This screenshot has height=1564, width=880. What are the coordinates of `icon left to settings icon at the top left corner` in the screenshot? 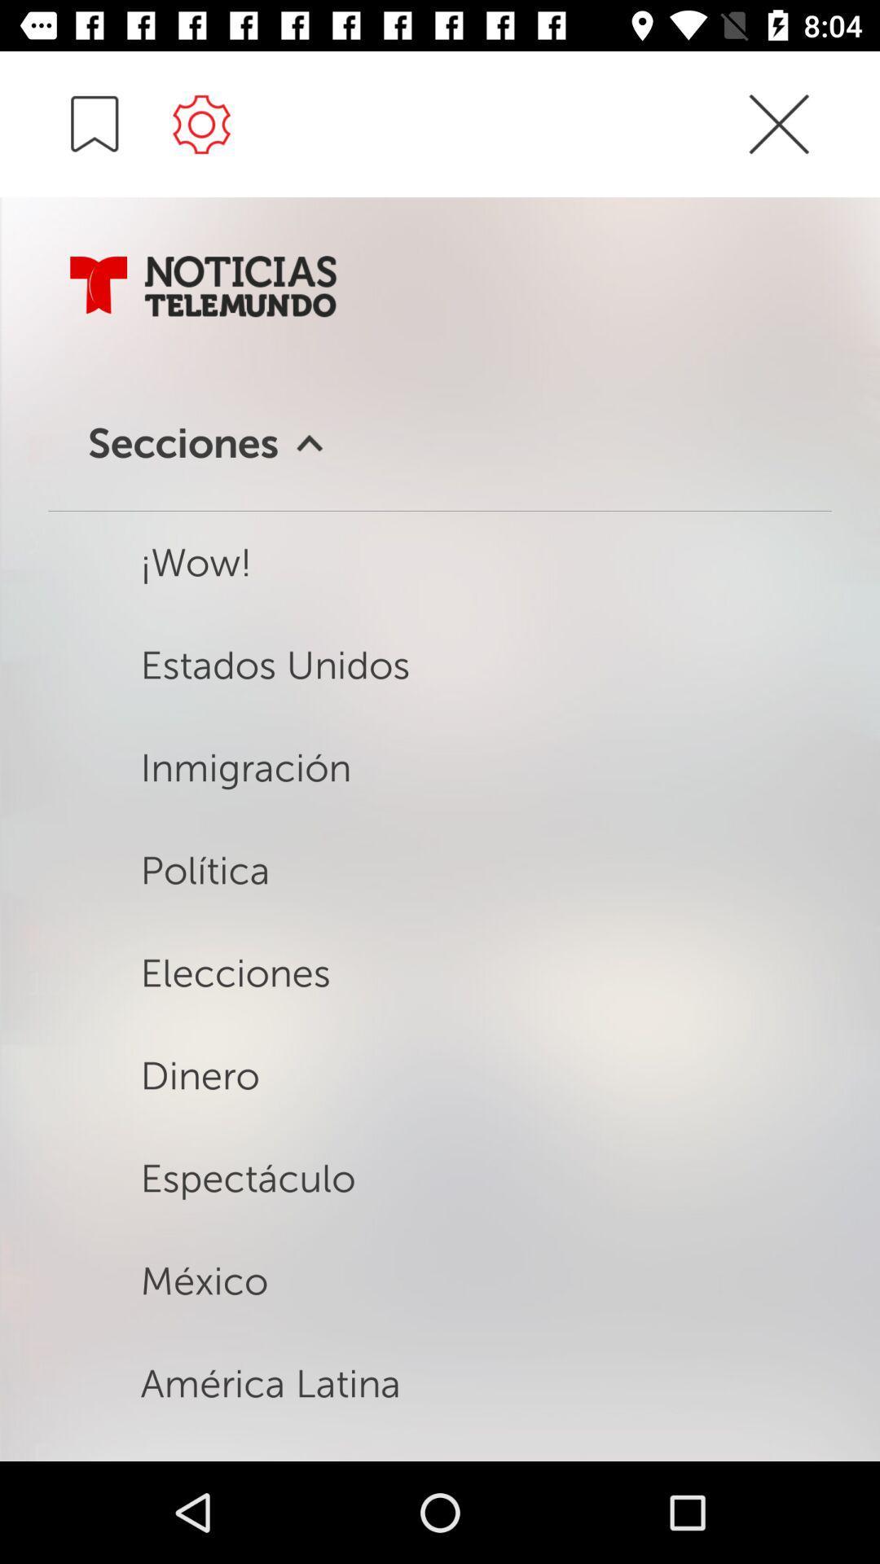 It's located at (95, 123).